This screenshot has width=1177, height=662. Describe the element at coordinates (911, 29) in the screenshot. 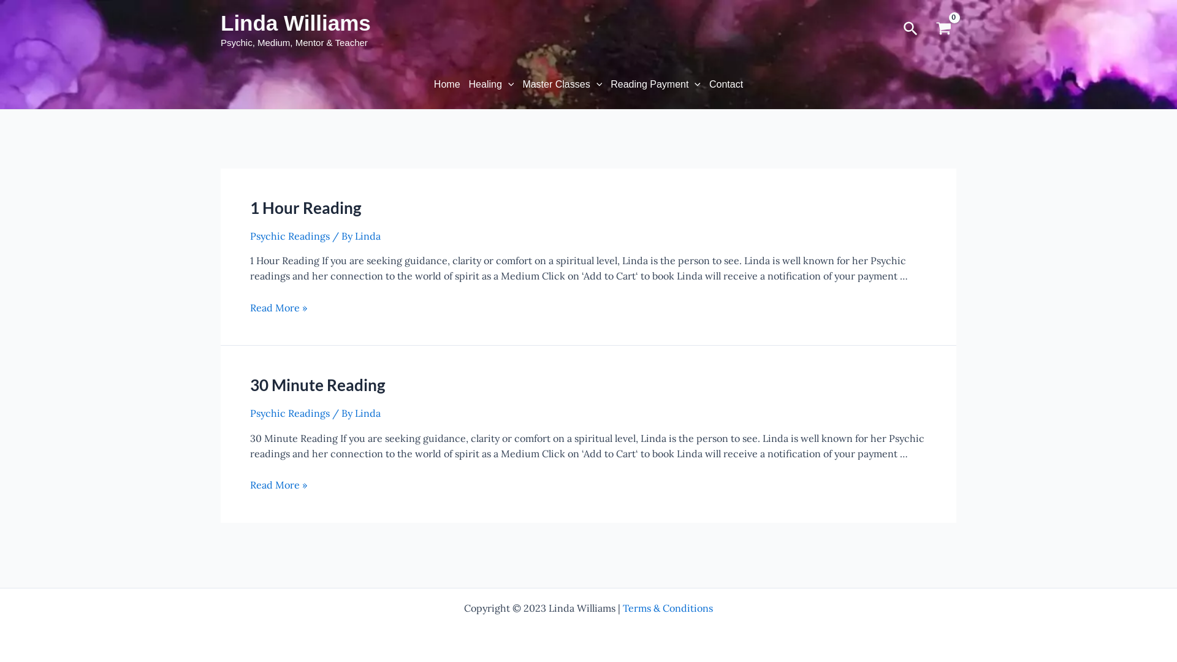

I see `'Search'` at that location.